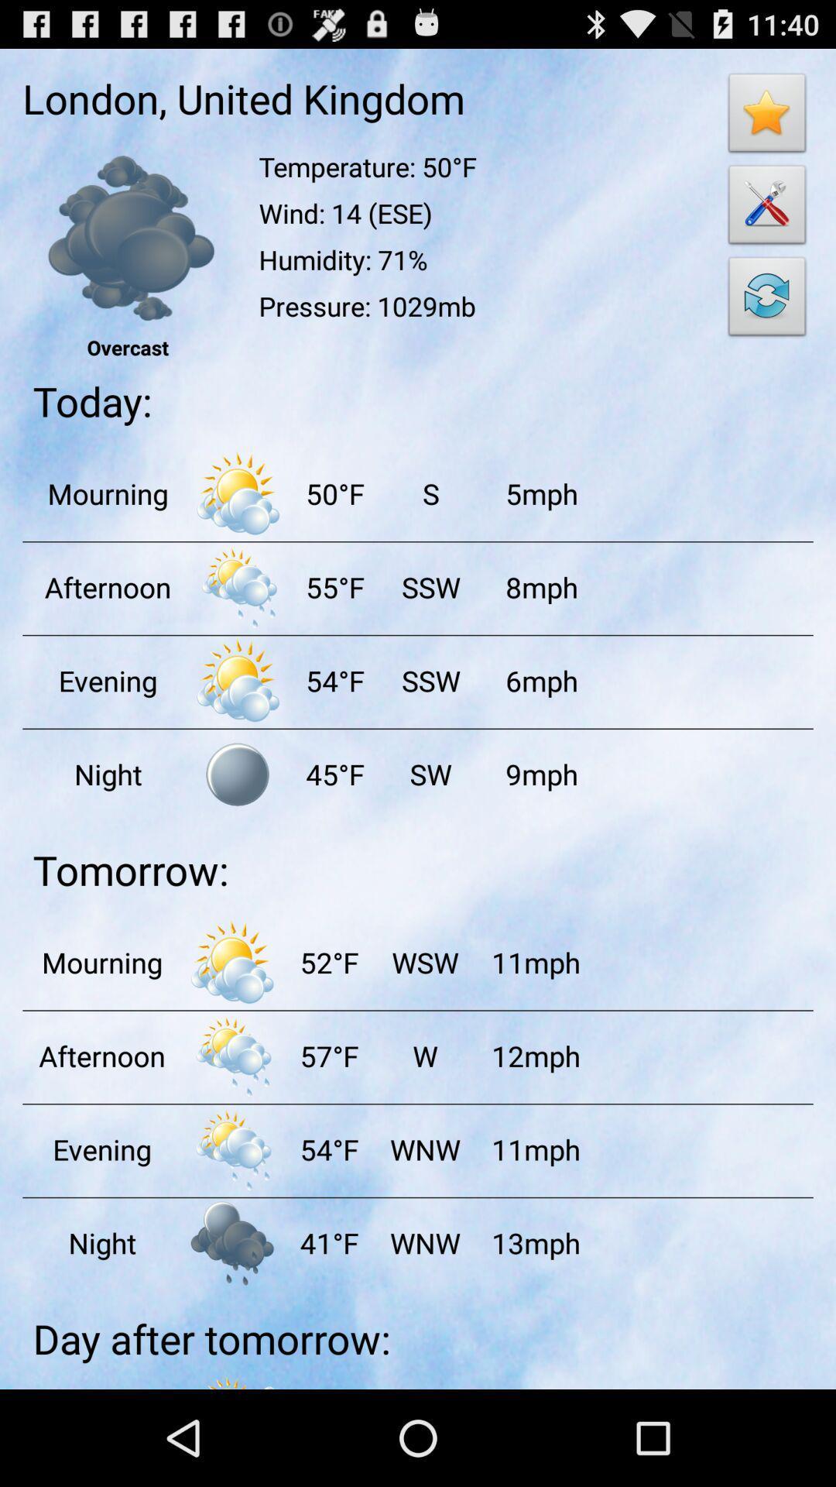 The image size is (836, 1487). What do you see at coordinates (238, 774) in the screenshot?
I see `browsing` at bounding box center [238, 774].